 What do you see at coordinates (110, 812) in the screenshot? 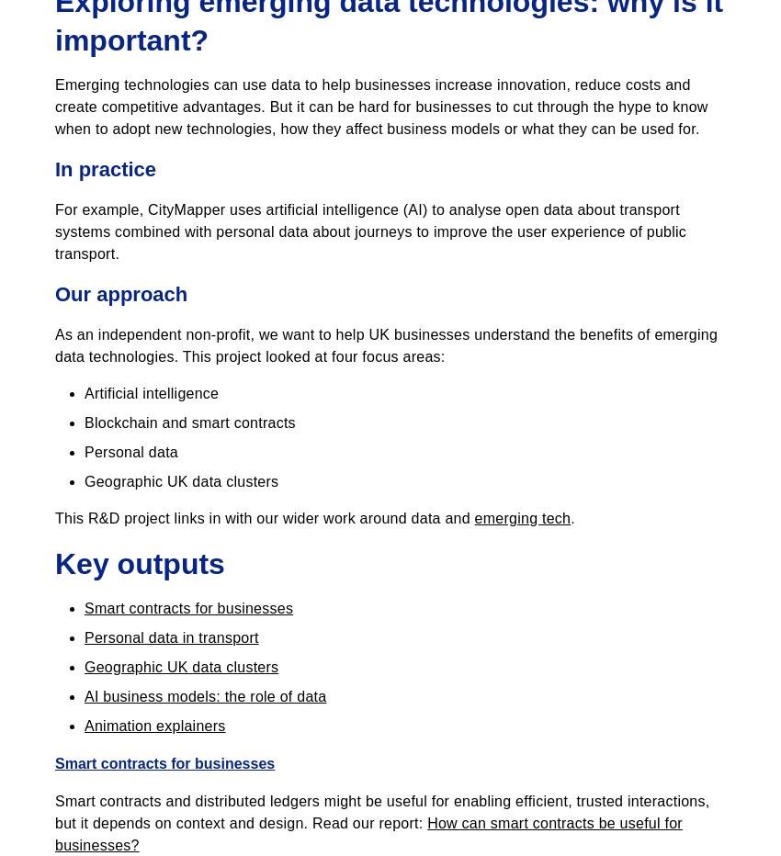
I see `'Press and media'` at bounding box center [110, 812].